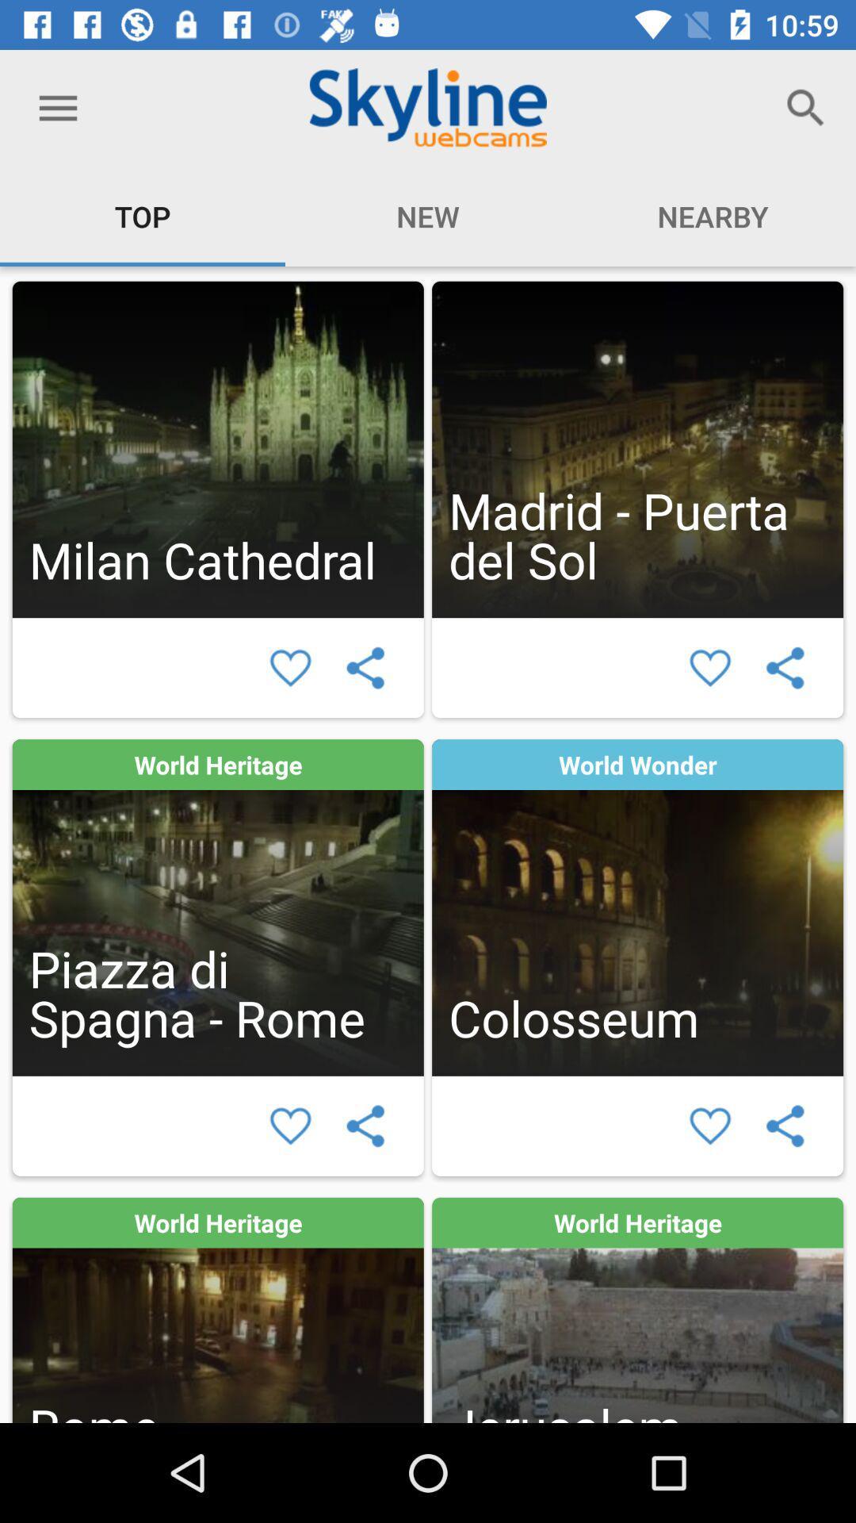 The height and width of the screenshot is (1523, 856). What do you see at coordinates (365, 668) in the screenshot?
I see `share images` at bounding box center [365, 668].